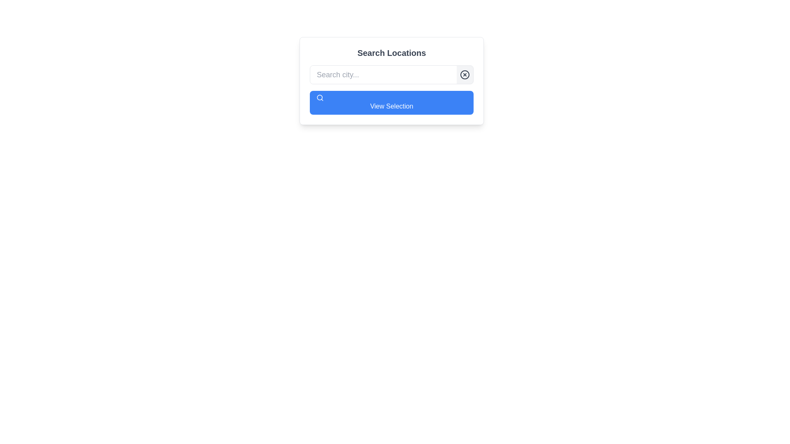 This screenshot has height=444, width=790. I want to click on the icon button resembling a circle with an 'X' in the center, located on the far right of the text input field in the search bar interface, so click(465, 74).